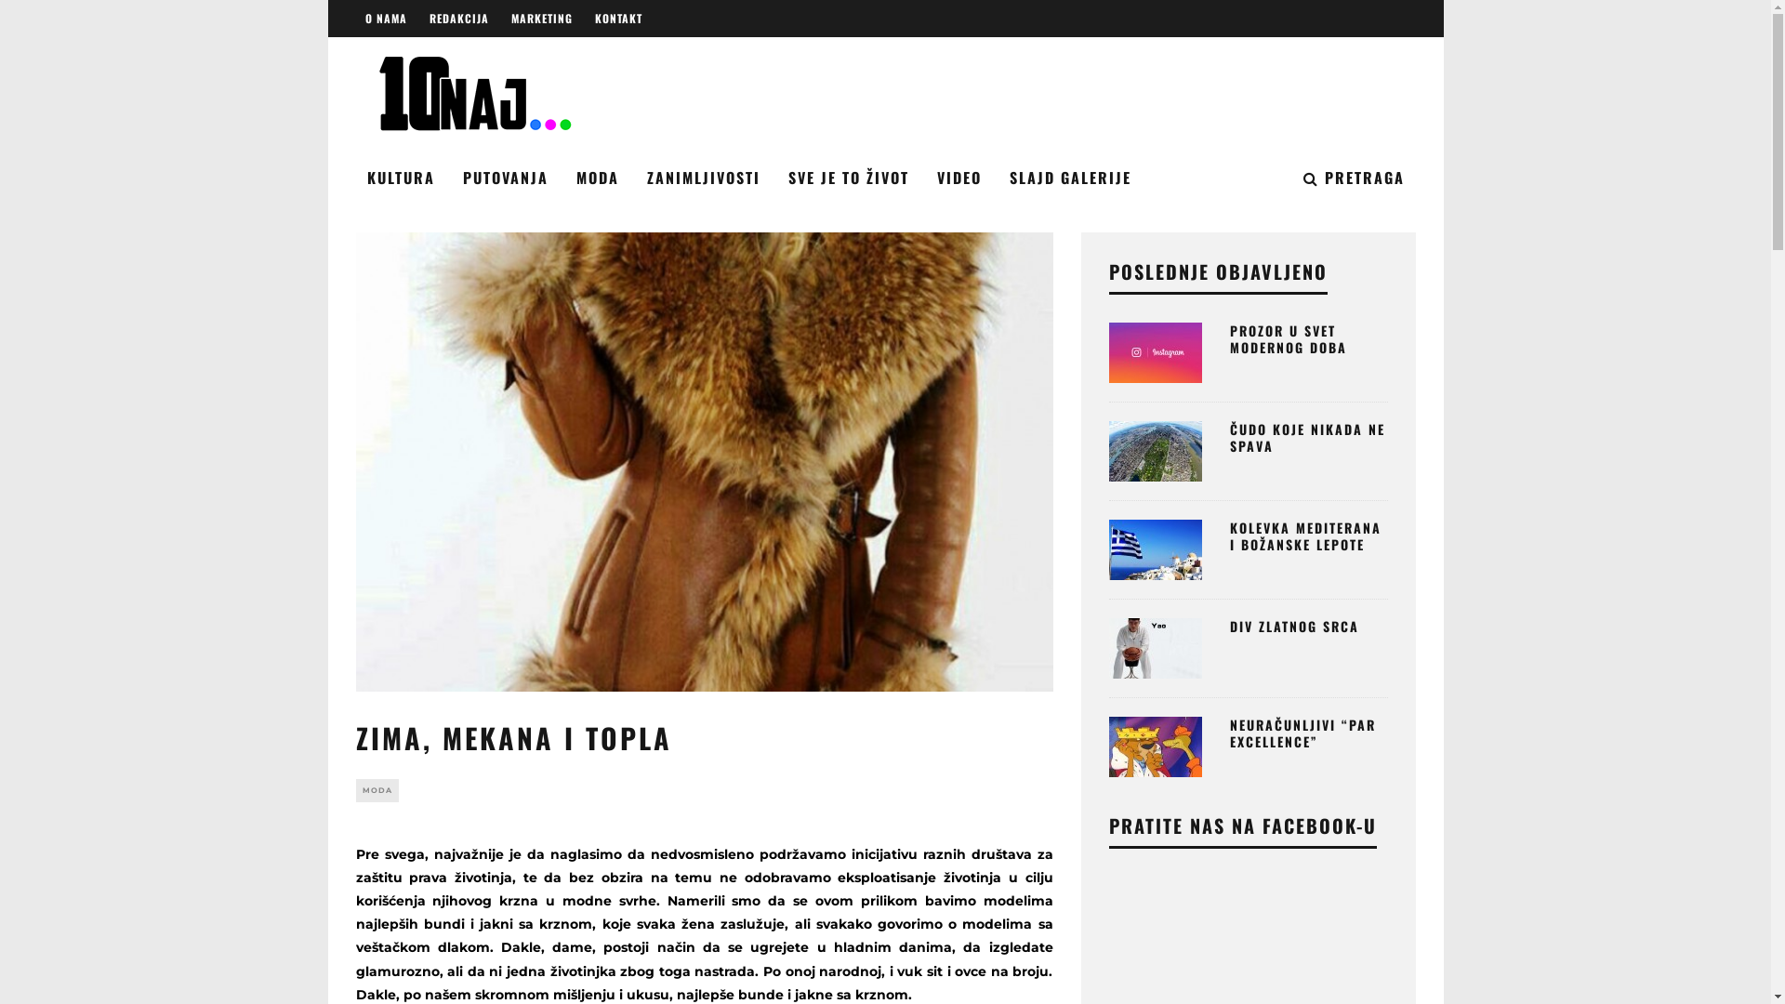  What do you see at coordinates (384, 18) in the screenshot?
I see `'O NAMA'` at bounding box center [384, 18].